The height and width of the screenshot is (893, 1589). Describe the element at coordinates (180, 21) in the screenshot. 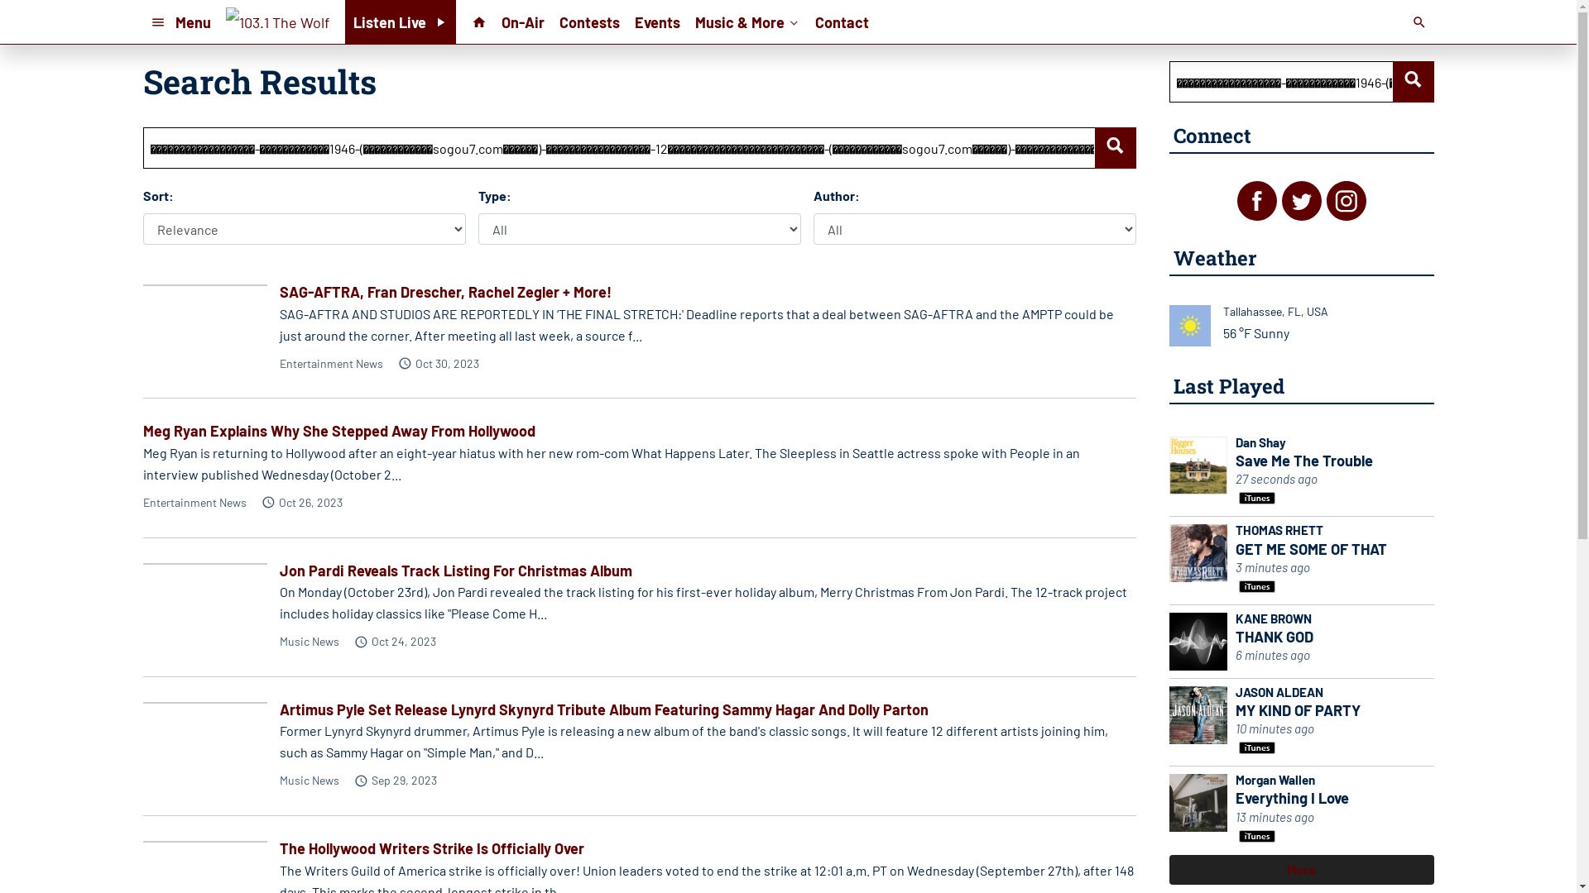

I see `'Menu'` at that location.